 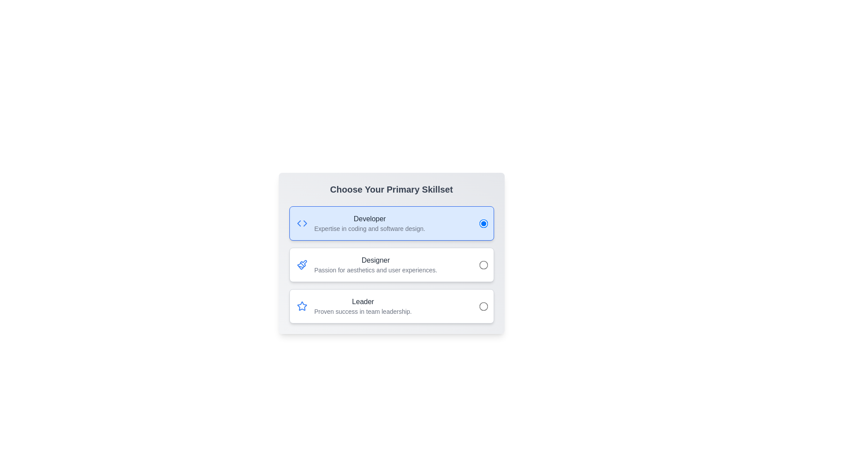 I want to click on the presence of the 'Designer' icon located to the left of the text in the 'Choose Your Primary Skillset' section, so click(x=302, y=264).